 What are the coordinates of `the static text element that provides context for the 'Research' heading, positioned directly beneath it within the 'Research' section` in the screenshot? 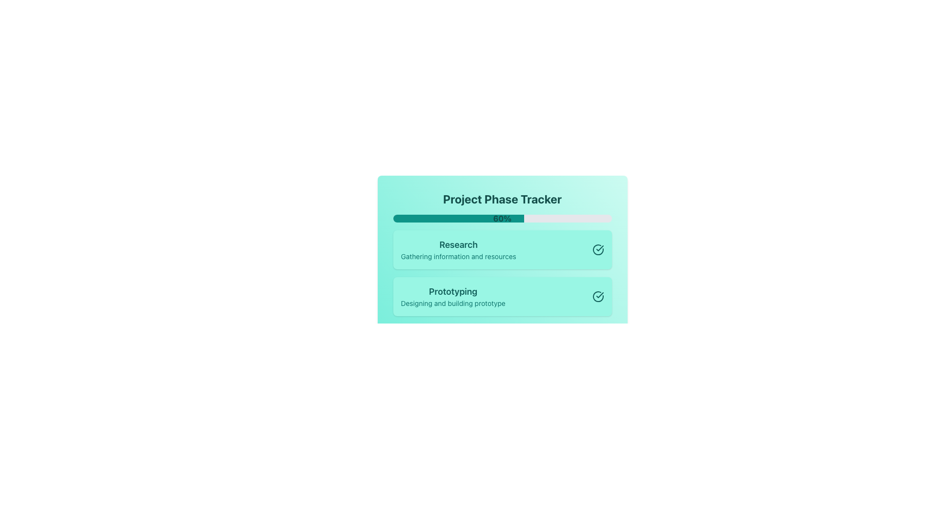 It's located at (458, 256).